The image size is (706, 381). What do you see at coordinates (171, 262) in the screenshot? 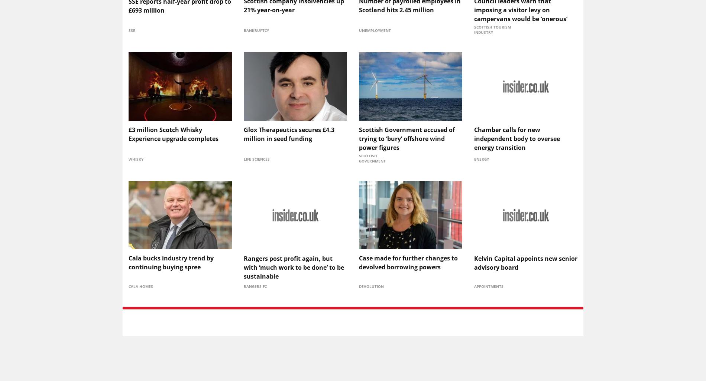
I see `'Cala bucks industry trend by continuing buying spree'` at bounding box center [171, 262].